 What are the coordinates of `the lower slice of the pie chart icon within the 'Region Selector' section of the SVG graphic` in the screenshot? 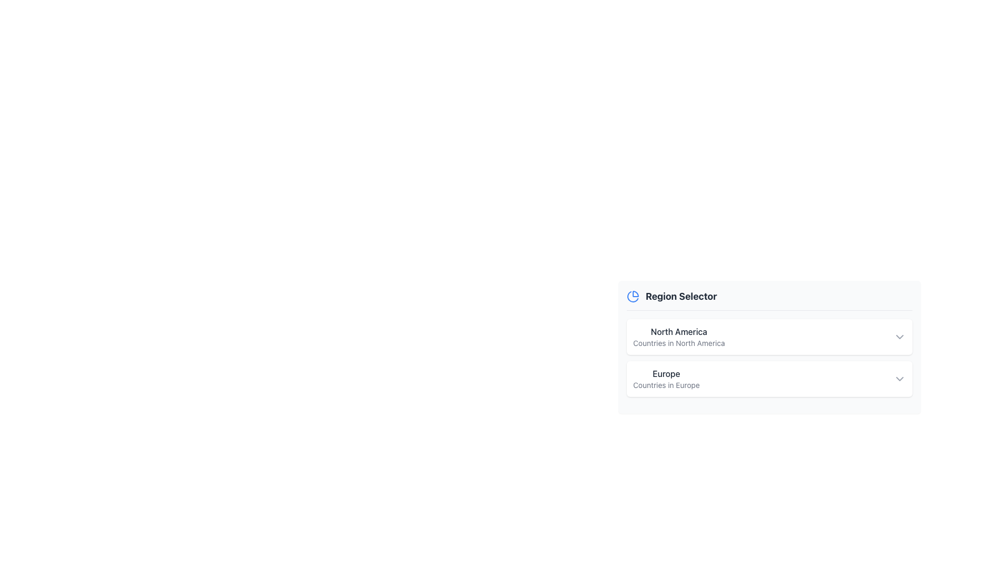 It's located at (632, 297).